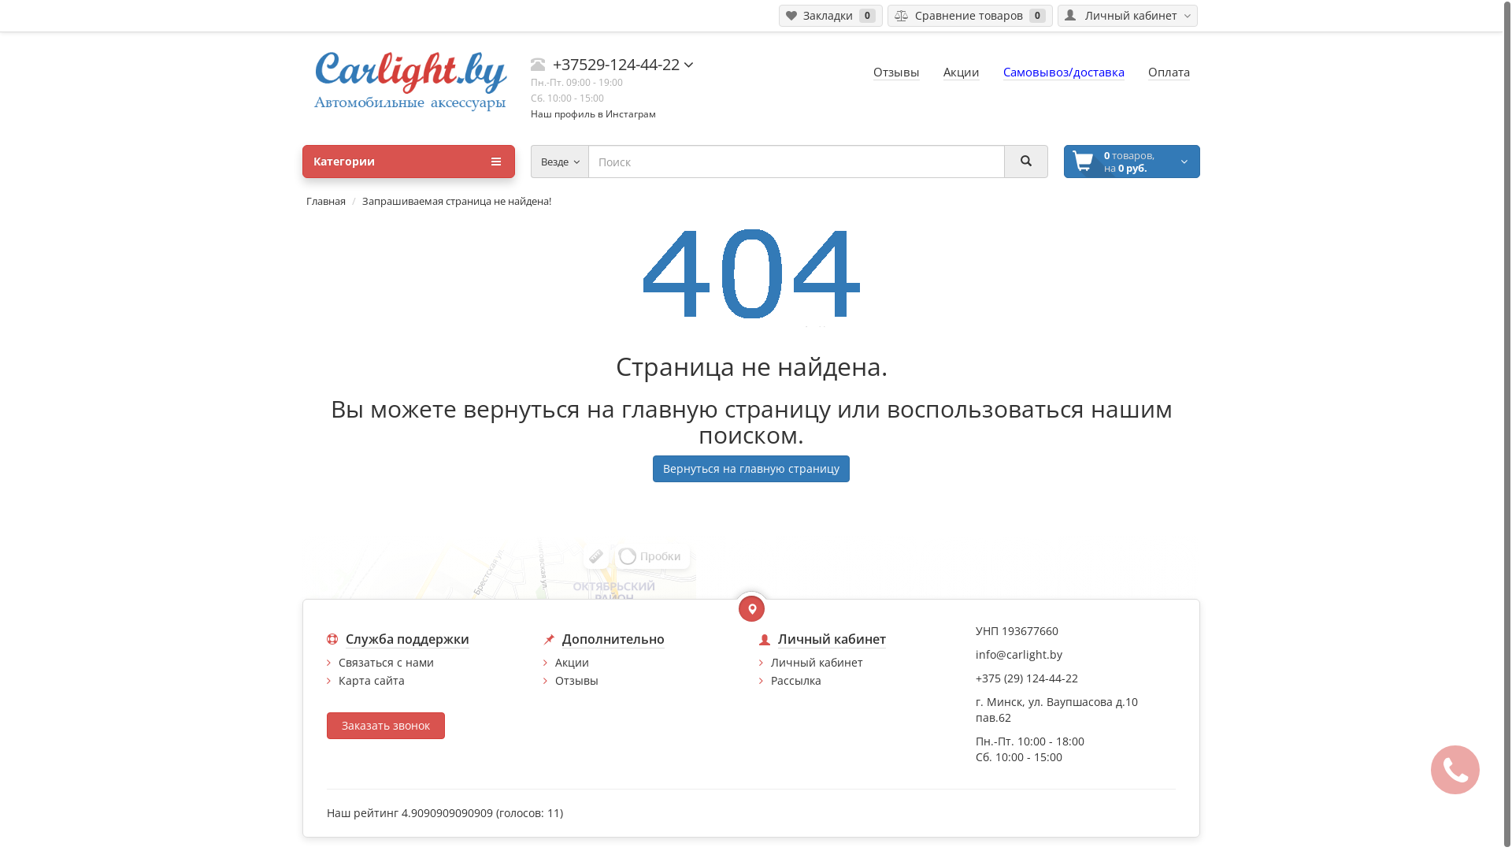 The width and height of the screenshot is (1512, 851). What do you see at coordinates (1017, 654) in the screenshot?
I see `'info@carlight.by'` at bounding box center [1017, 654].